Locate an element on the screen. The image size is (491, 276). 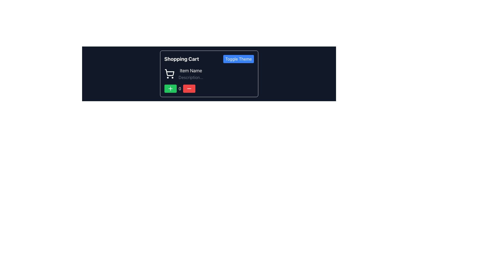
the green plus icon within the button located in the shopping cart UI is located at coordinates (170, 88).